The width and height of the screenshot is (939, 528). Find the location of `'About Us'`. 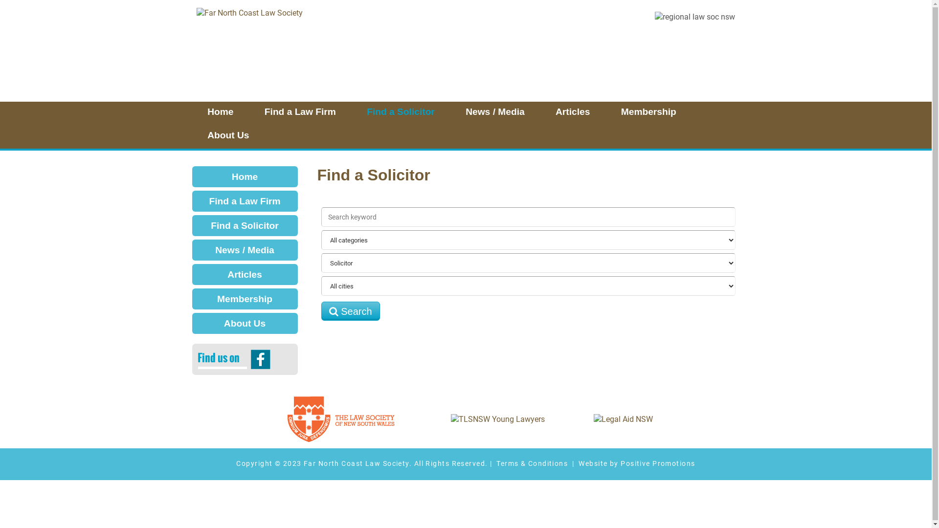

'About Us' is located at coordinates (227, 137).